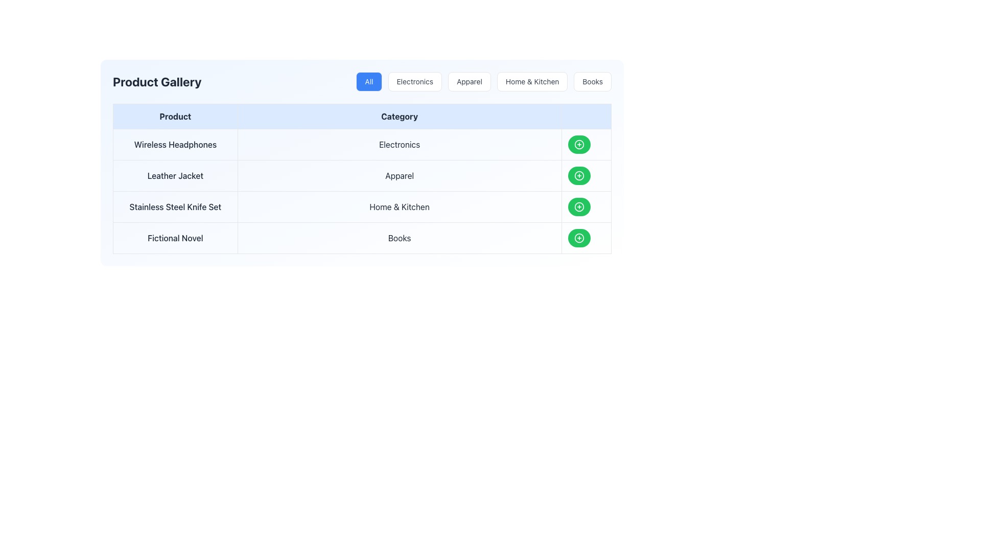 This screenshot has width=981, height=552. I want to click on the green circular button with a white plus symbol located in the fourth row under the 'Action' column for the 'Fictional Novel' product, so click(586, 238).